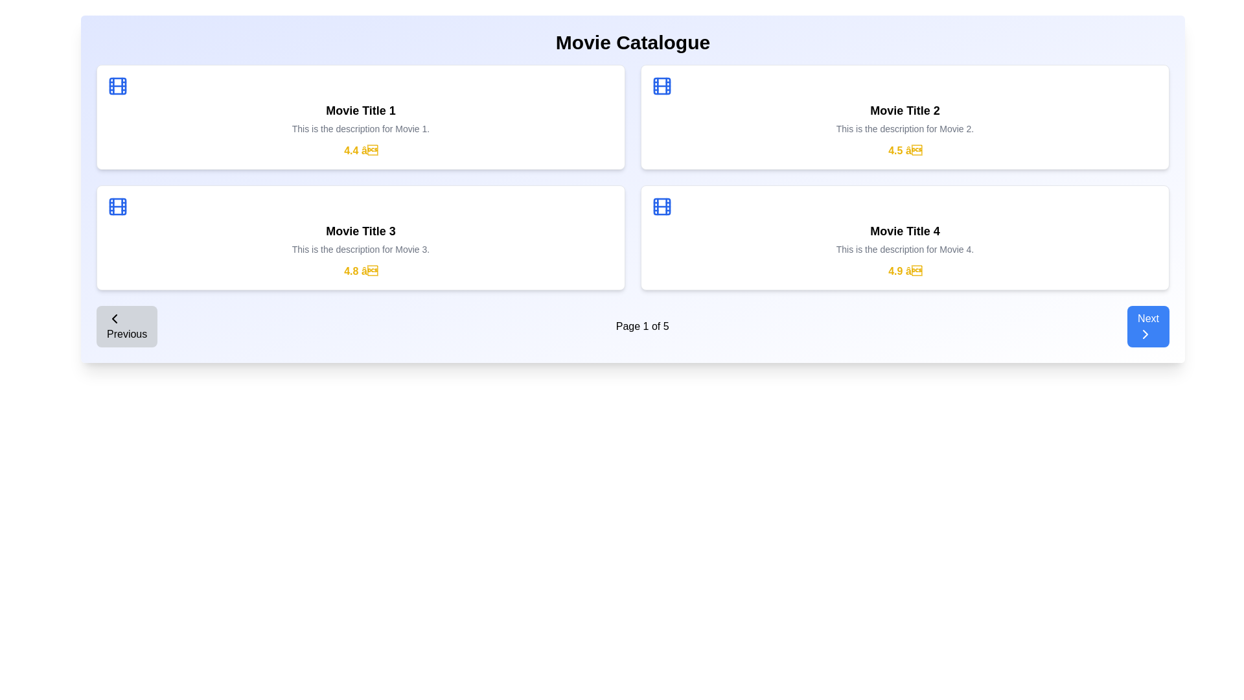 The image size is (1244, 700). What do you see at coordinates (360, 237) in the screenshot?
I see `the interactive presentation card displaying information about 'Movie Title 3', located in the third slot of the grid layout` at bounding box center [360, 237].